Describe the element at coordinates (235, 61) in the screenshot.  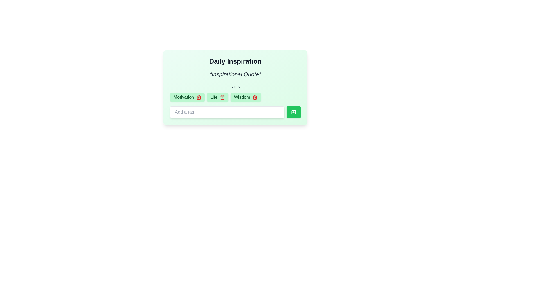
I see `'Daily Inspiration' text element located at the top of the card-like section with a light green background` at that location.